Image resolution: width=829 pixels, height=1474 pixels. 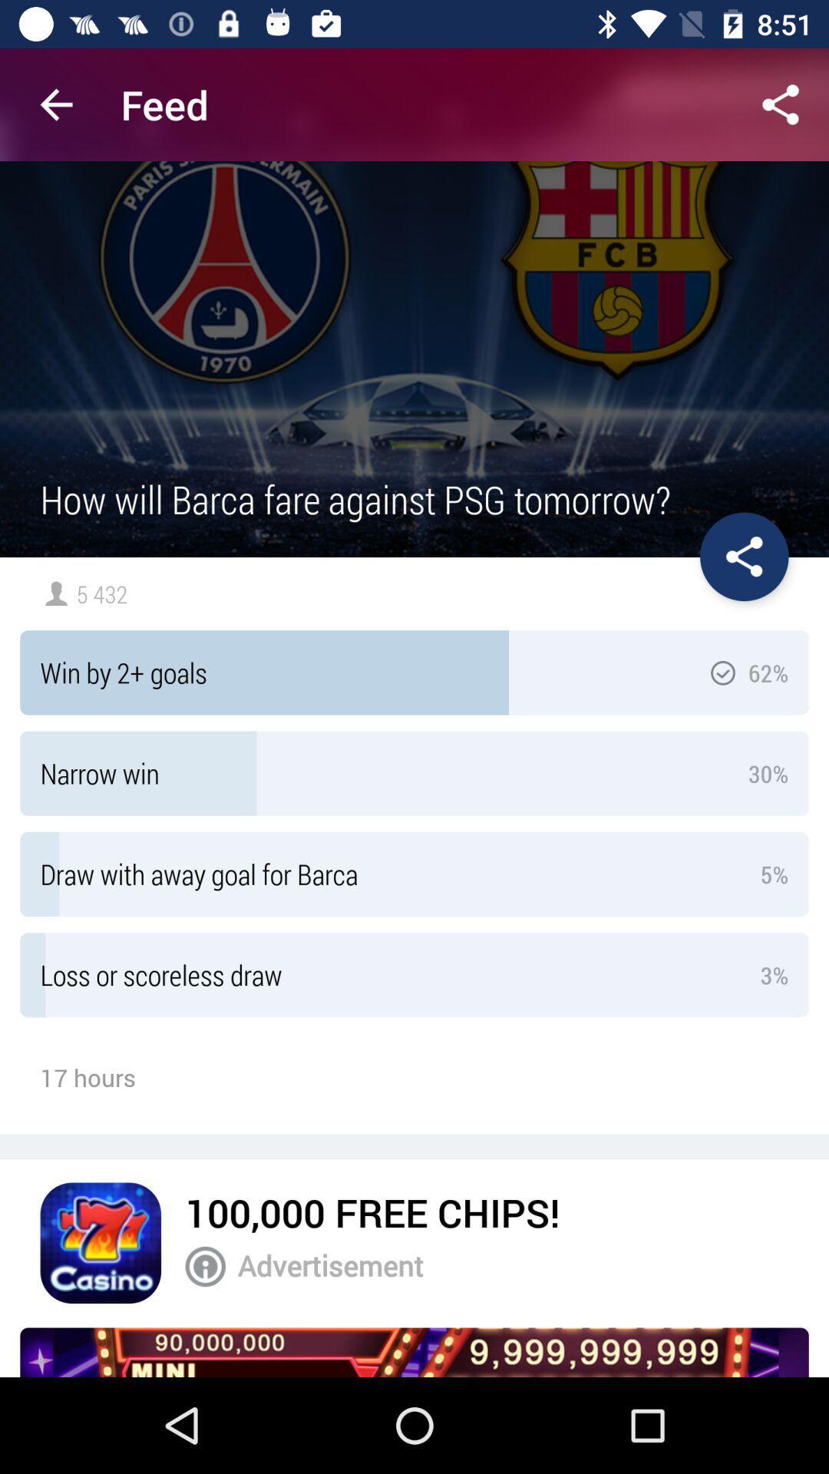 What do you see at coordinates (414, 1352) in the screenshot?
I see `tap to view` at bounding box center [414, 1352].